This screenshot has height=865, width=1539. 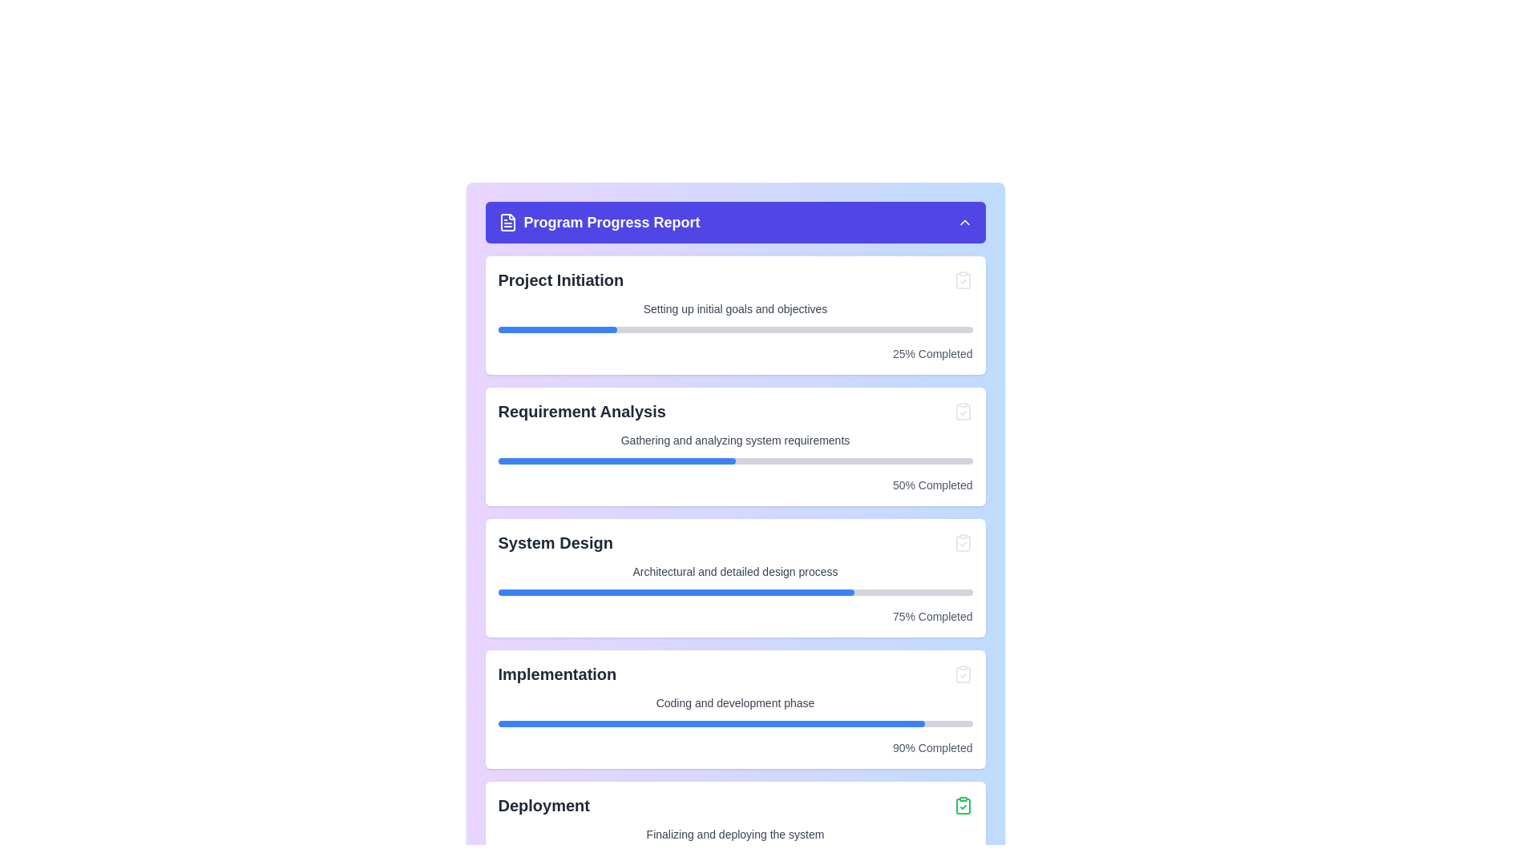 I want to click on the SVG Icon that indicates approval, progress, or a completed state located on the far right of the 'System Design' section in the progress report interface, so click(x=962, y=542).